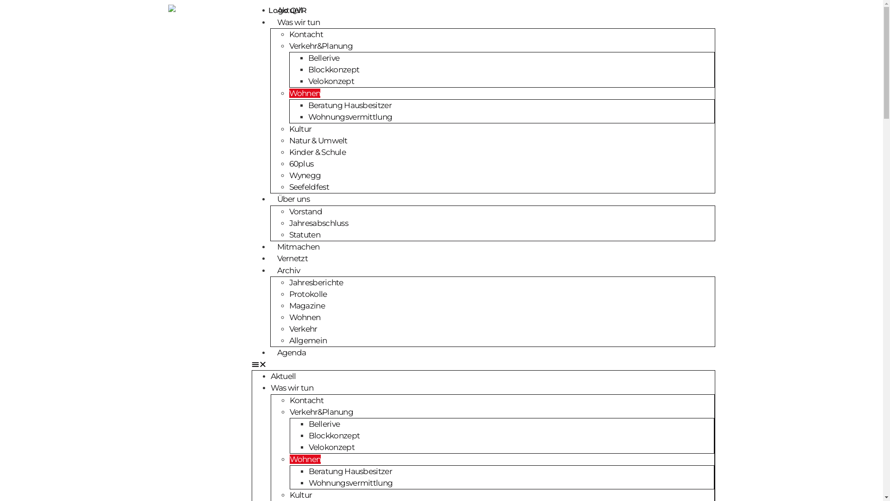  I want to click on 'Velokonzept', so click(331, 447).